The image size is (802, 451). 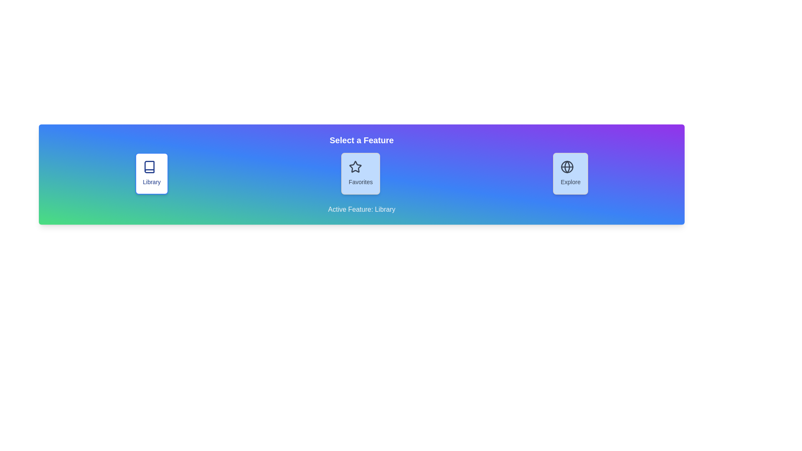 I want to click on the 'Library' button to observe its hover effect, so click(x=152, y=173).